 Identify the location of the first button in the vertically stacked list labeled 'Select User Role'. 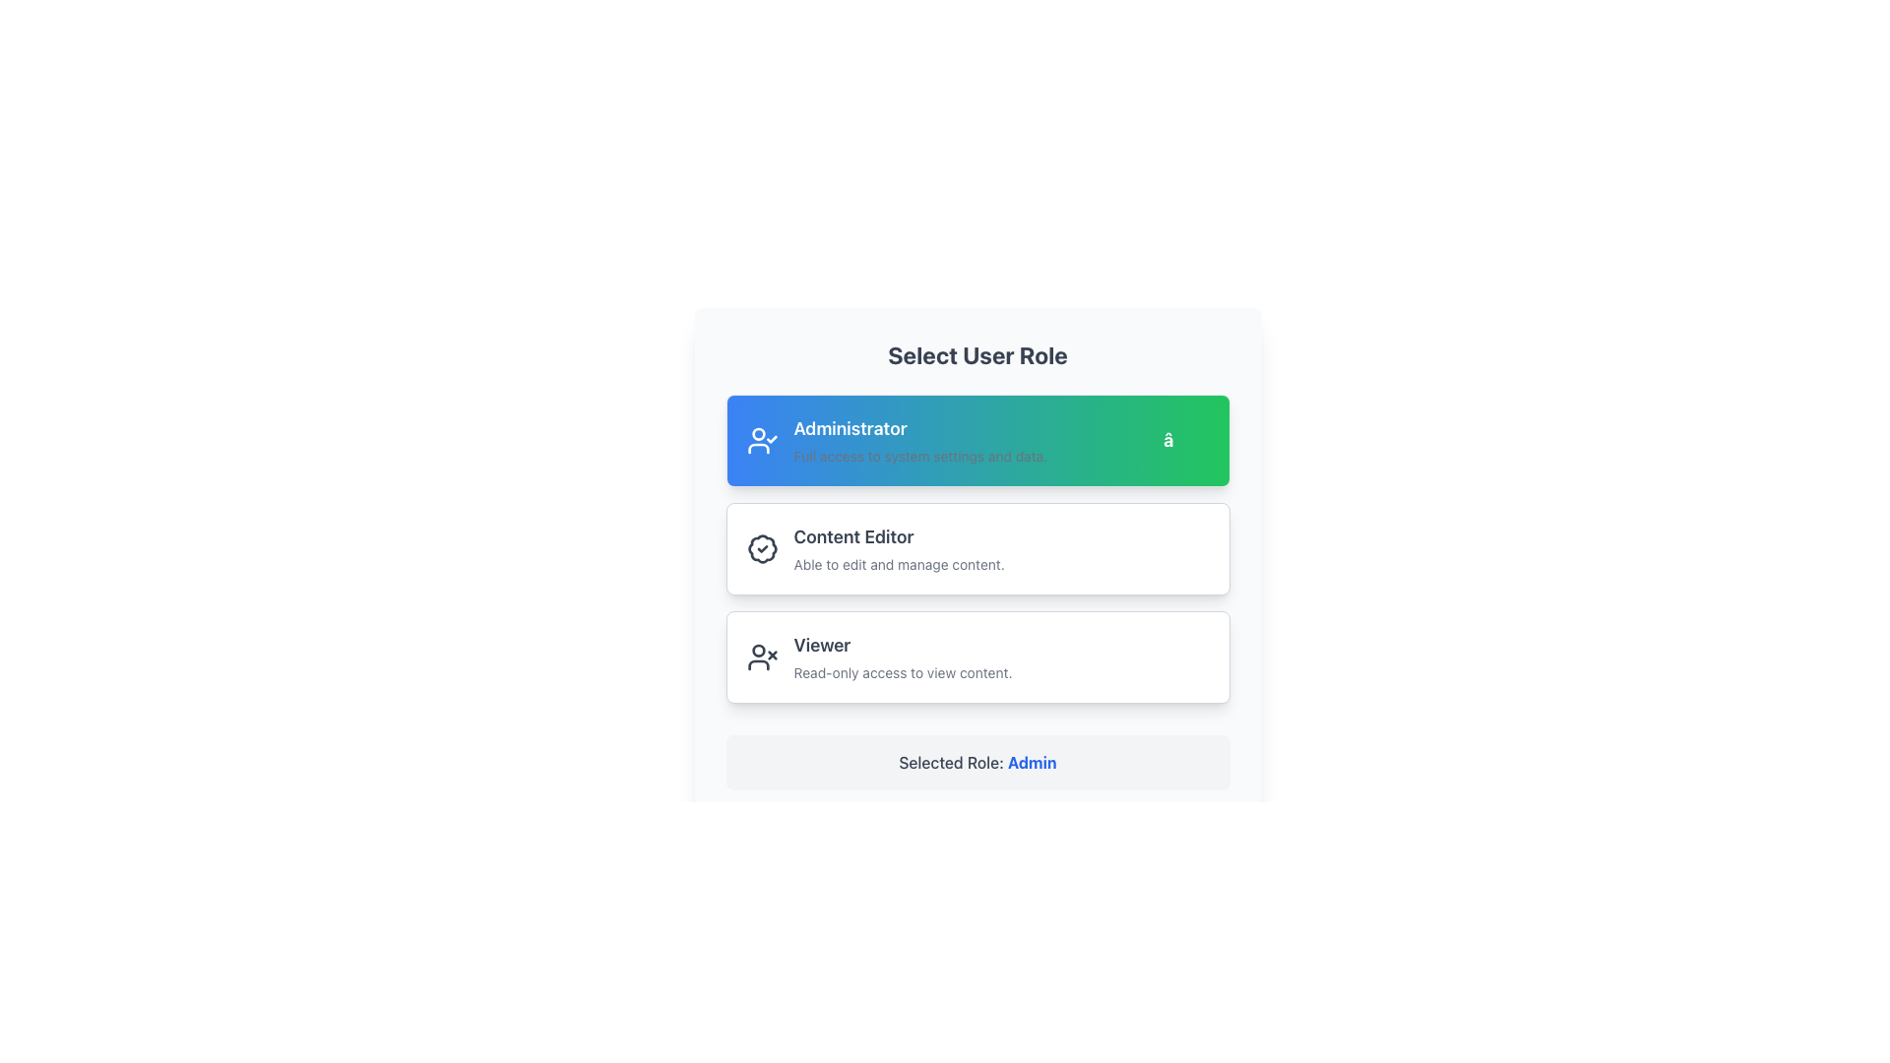
(977, 439).